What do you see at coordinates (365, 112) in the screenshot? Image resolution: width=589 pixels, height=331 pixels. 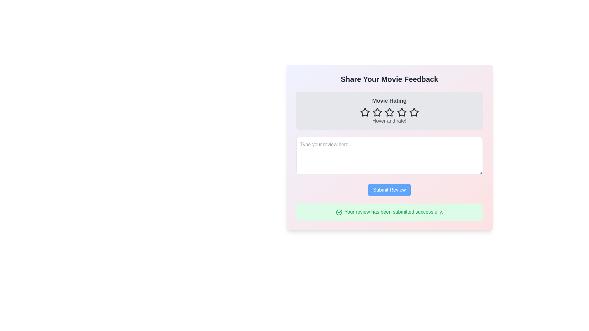 I see `the leftmost star icon in the 'Movie Rating' section` at bounding box center [365, 112].